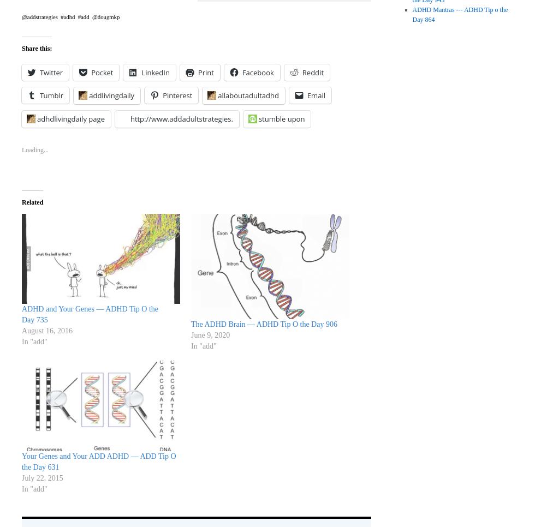 Image resolution: width=535 pixels, height=527 pixels. Describe the element at coordinates (281, 117) in the screenshot. I see `'stumble upon'` at that location.